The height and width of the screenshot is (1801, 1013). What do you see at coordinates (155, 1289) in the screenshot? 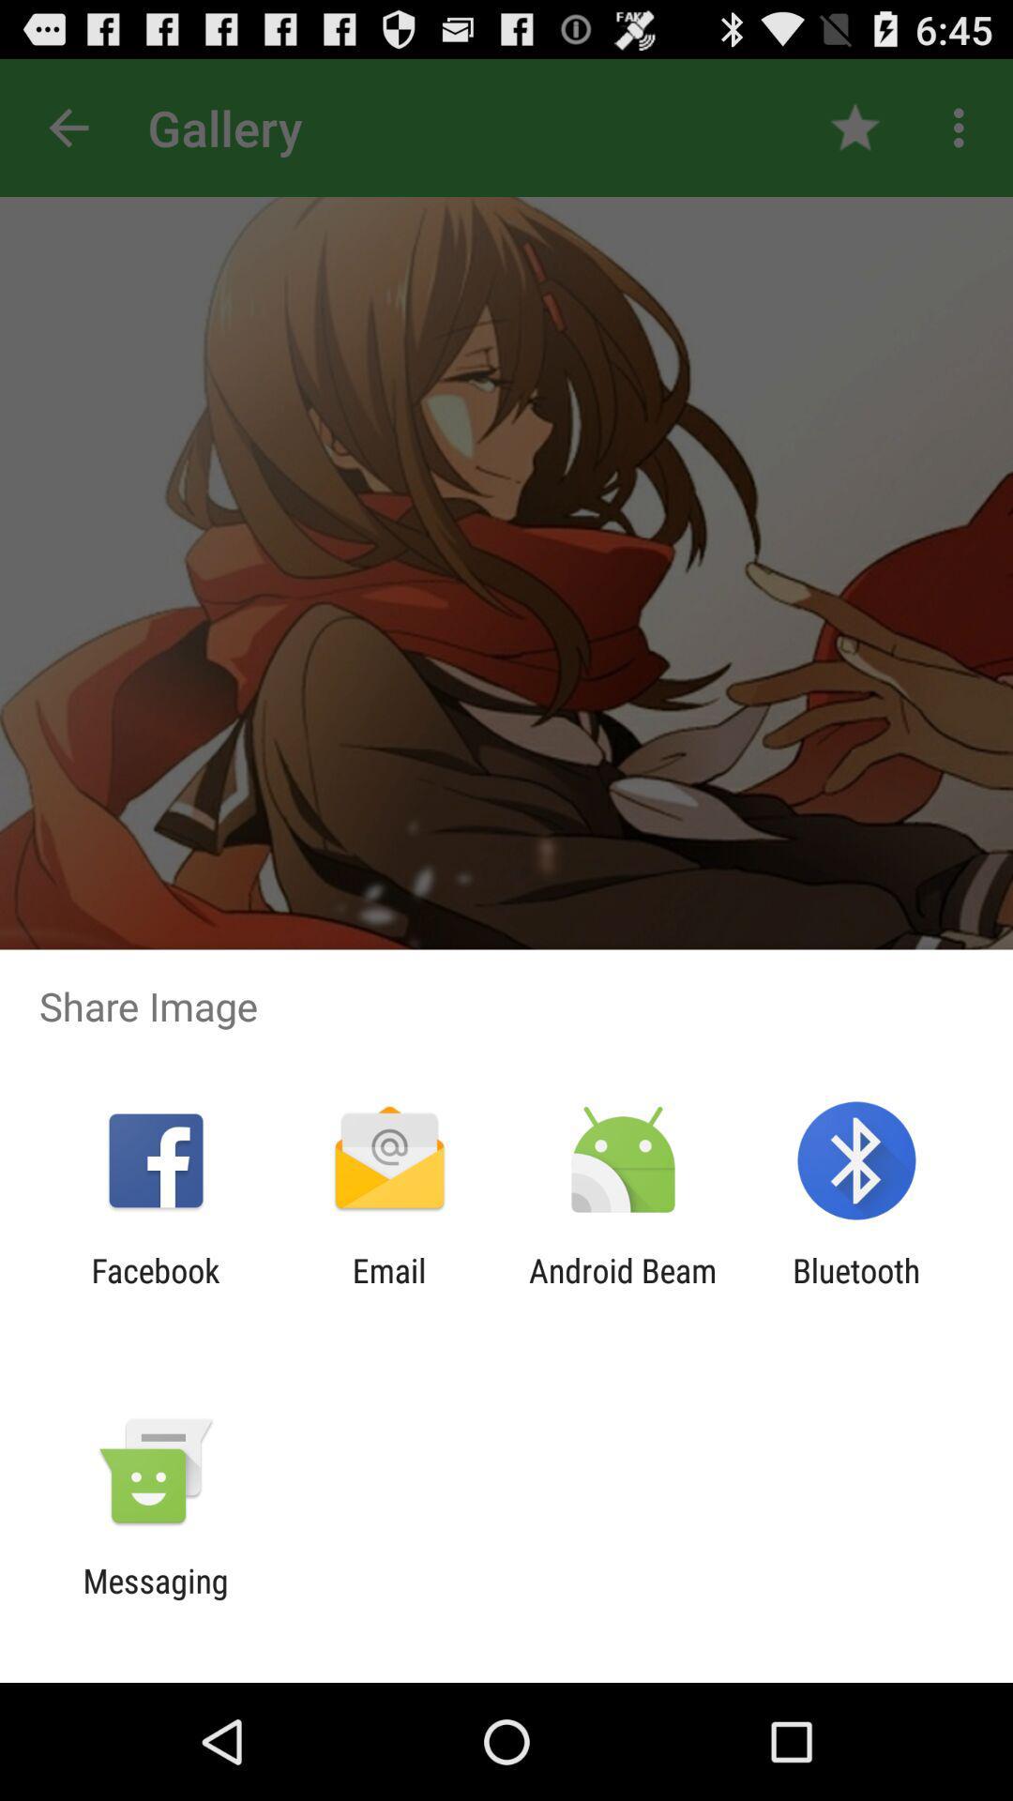
I see `icon next to email icon` at bounding box center [155, 1289].